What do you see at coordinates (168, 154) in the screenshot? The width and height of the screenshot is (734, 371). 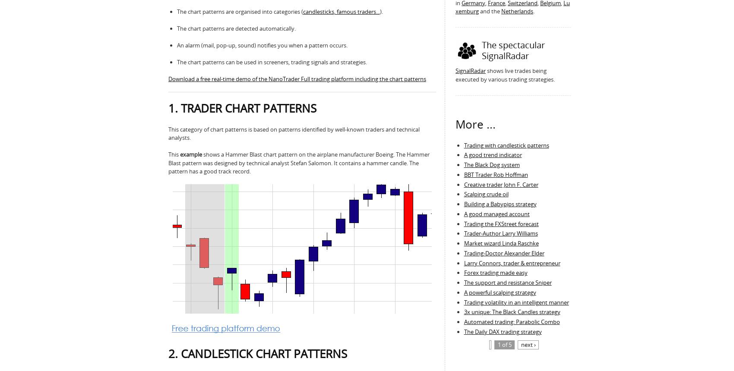 I see `'This'` at bounding box center [168, 154].